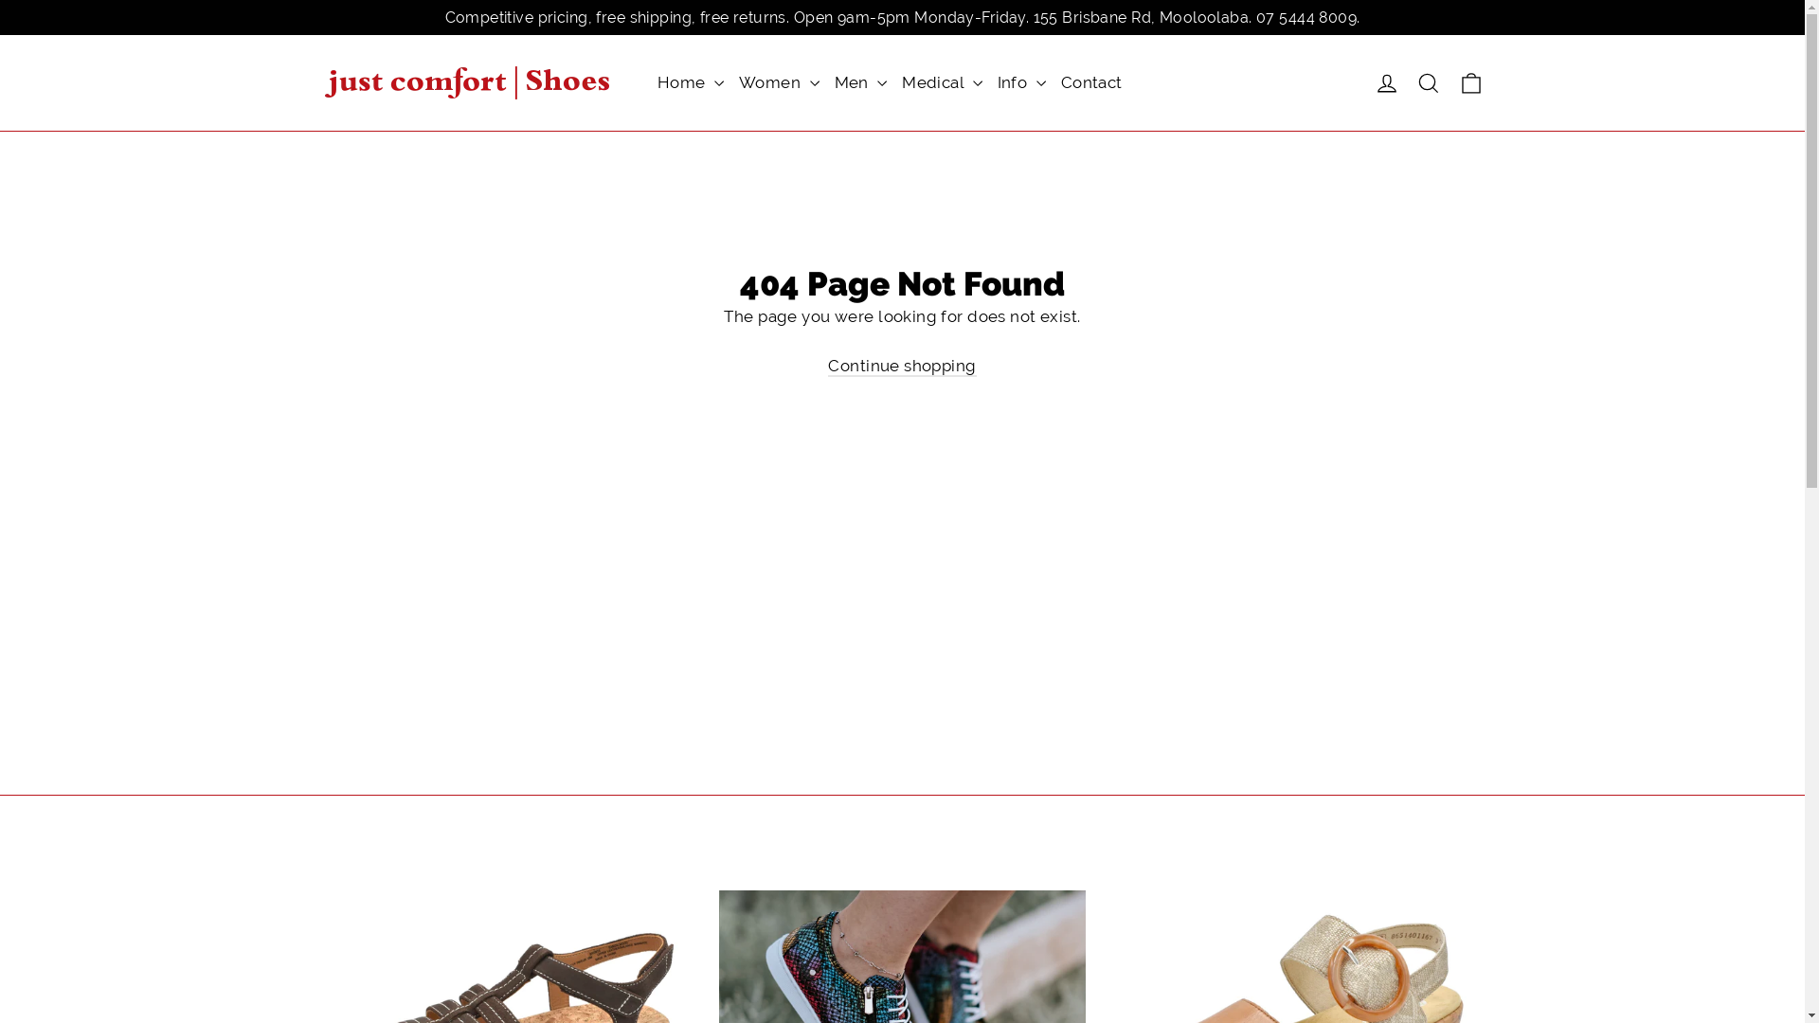 Image resolution: width=1819 pixels, height=1023 pixels. What do you see at coordinates (1091, 81) in the screenshot?
I see `'Contact'` at bounding box center [1091, 81].